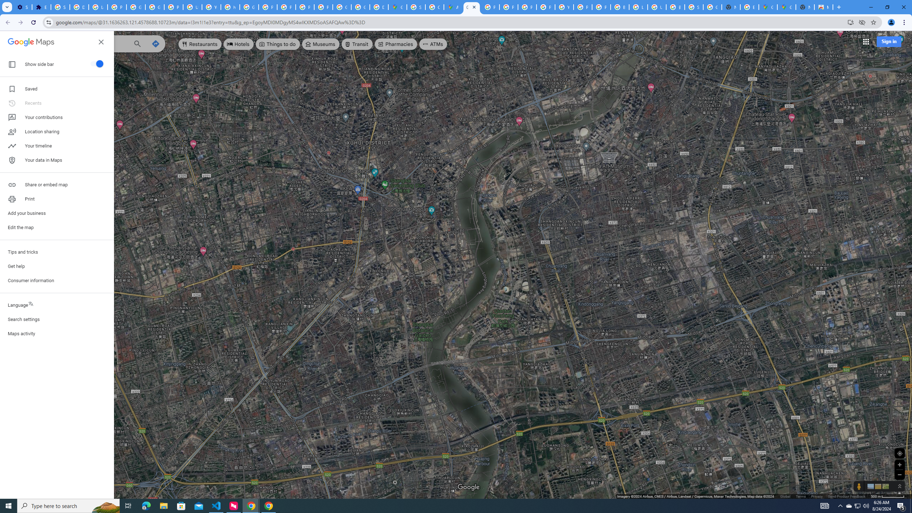  I want to click on 'Consumer information', so click(57, 281).